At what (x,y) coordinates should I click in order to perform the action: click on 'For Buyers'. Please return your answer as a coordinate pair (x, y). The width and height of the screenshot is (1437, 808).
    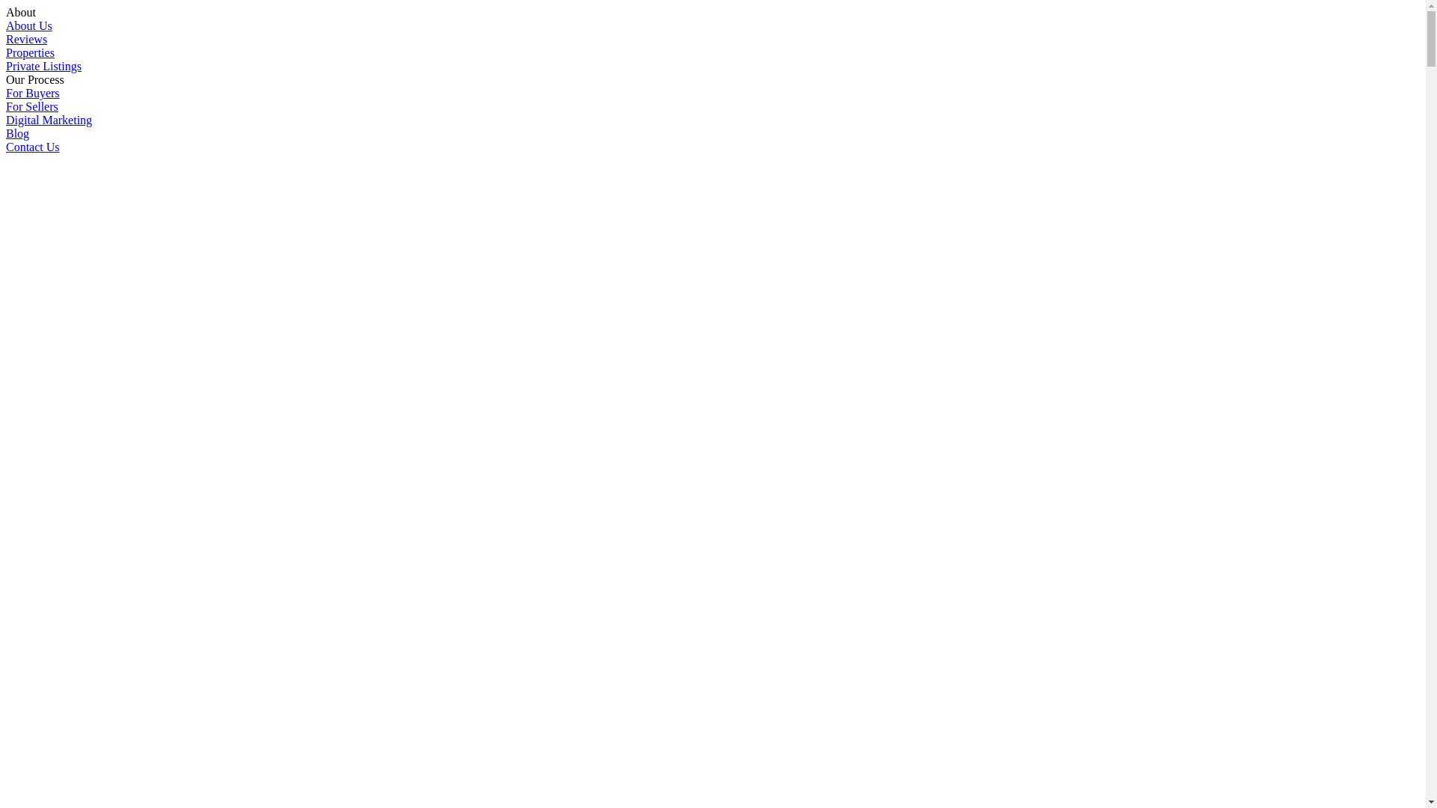
    Looking at the image, I should click on (32, 93).